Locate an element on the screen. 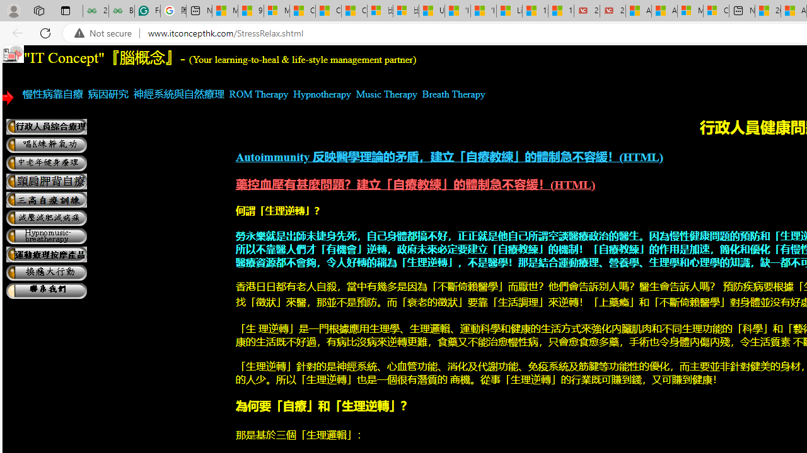 The height and width of the screenshot is (453, 807). '15 Ways Modern Life Contradicts the Teachings of Jesus' is located at coordinates (560, 11).